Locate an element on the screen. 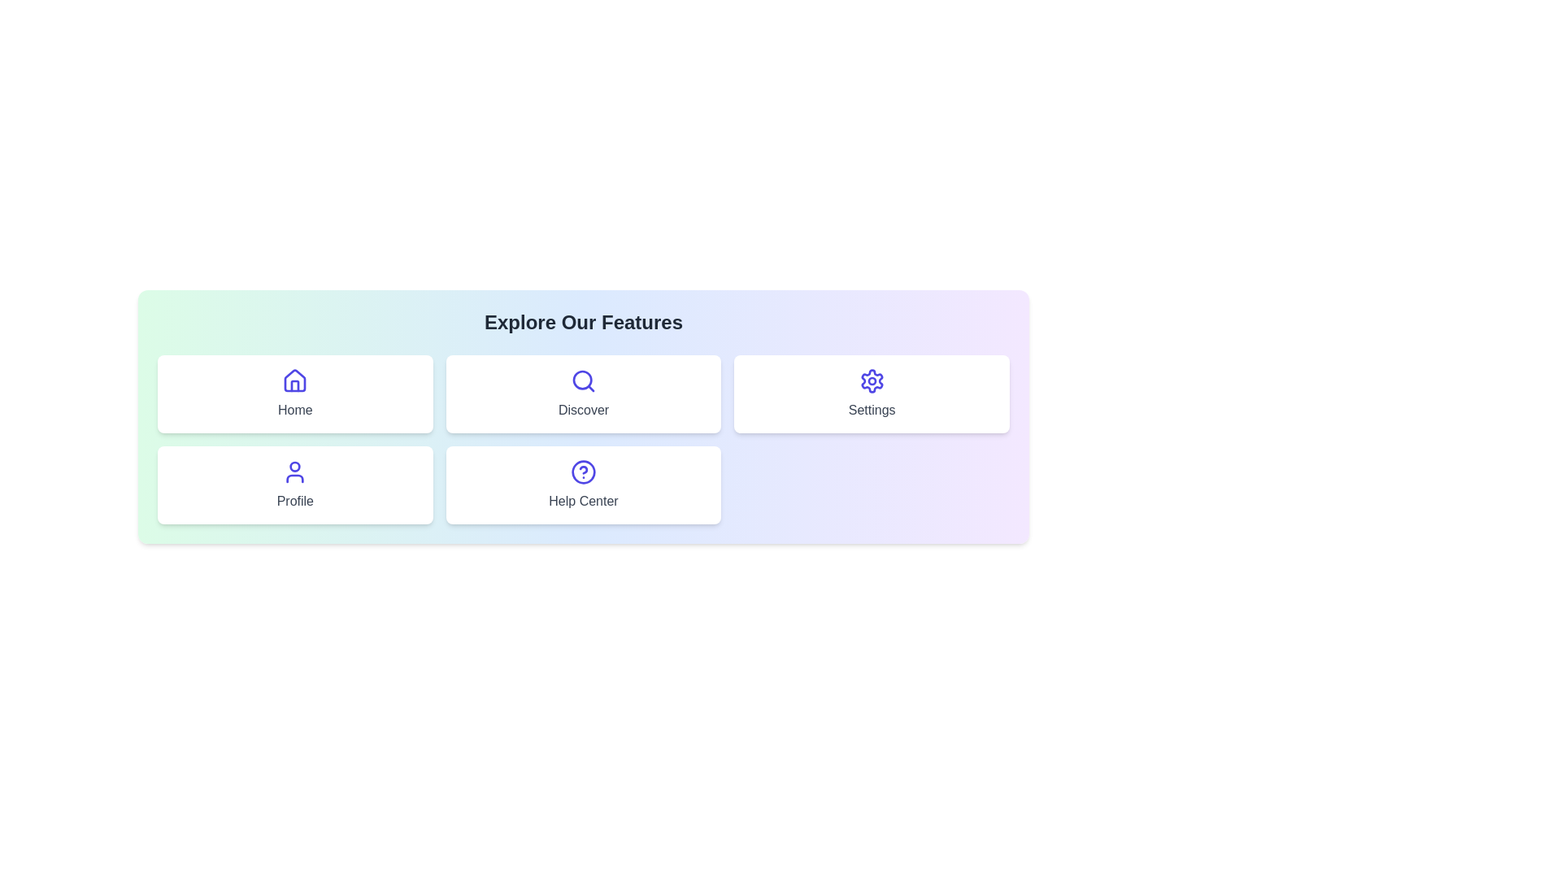 The width and height of the screenshot is (1561, 878). the house-shaped icon, which is the leftmost icon in the upper row of the grid layout is located at coordinates (295, 380).